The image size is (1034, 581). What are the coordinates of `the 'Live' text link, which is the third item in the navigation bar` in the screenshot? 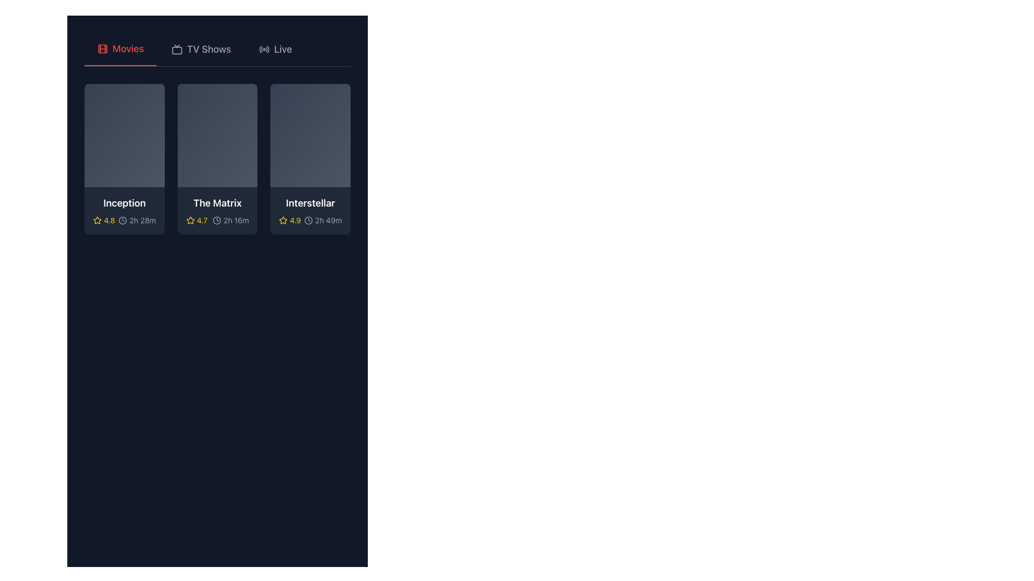 It's located at (283, 49).